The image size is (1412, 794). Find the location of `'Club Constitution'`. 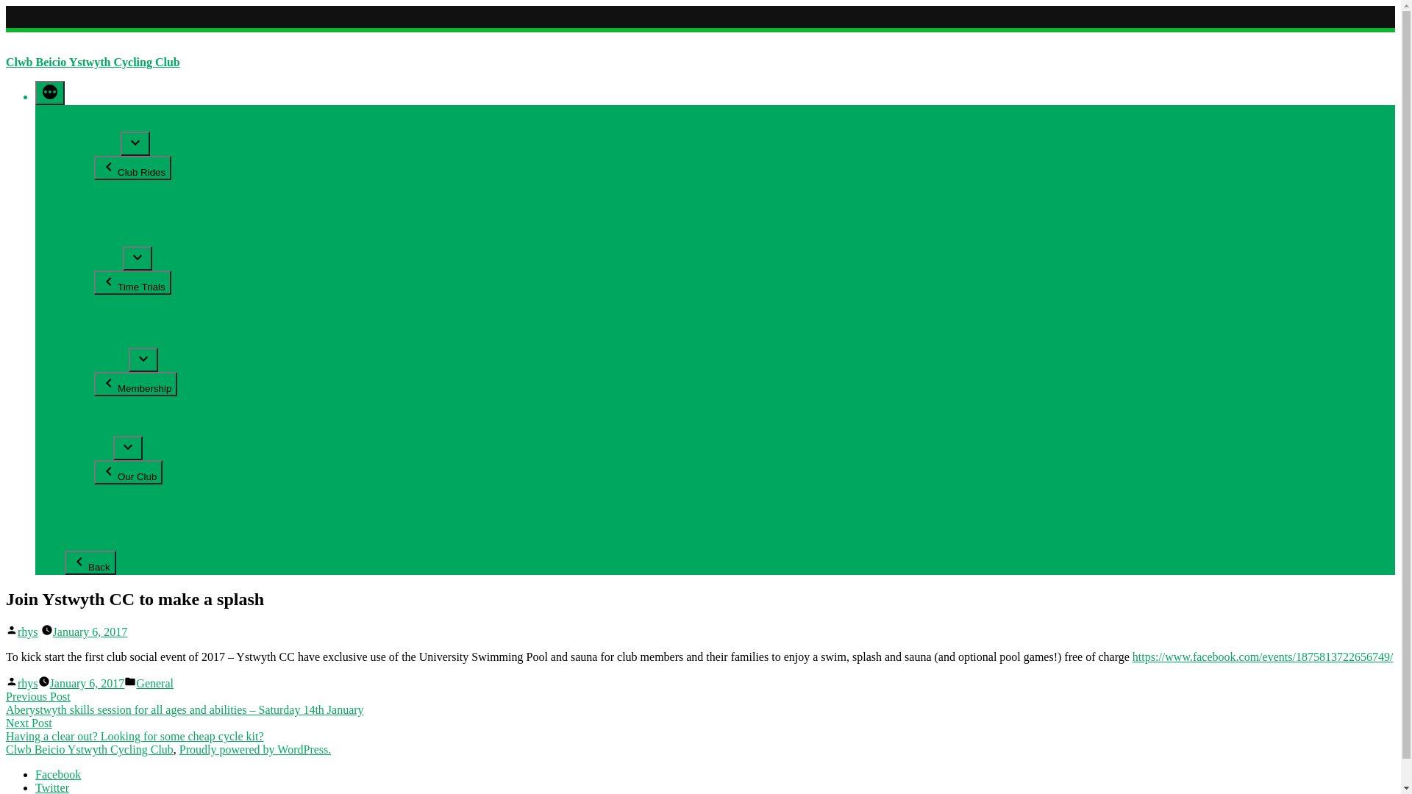

'Club Constitution' is located at coordinates (139, 503).